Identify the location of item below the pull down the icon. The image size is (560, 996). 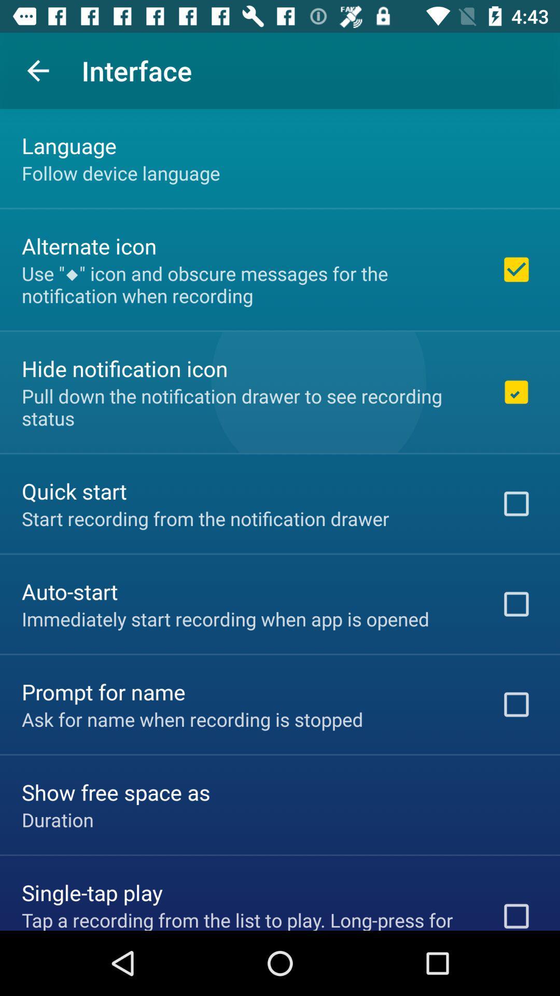
(74, 490).